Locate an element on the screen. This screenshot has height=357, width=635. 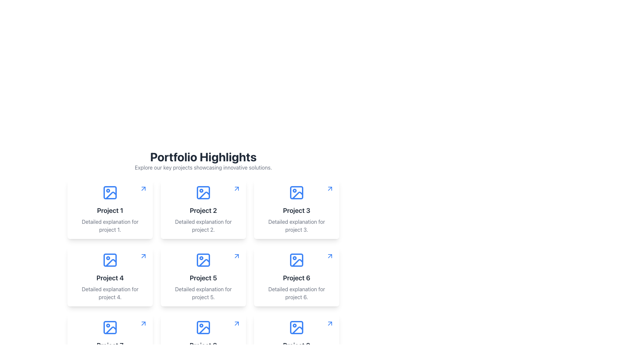
the blue gallery icon located at the top-center of the 'Project 2' card in the 'Portfolio Highlights' section is located at coordinates (203, 192).